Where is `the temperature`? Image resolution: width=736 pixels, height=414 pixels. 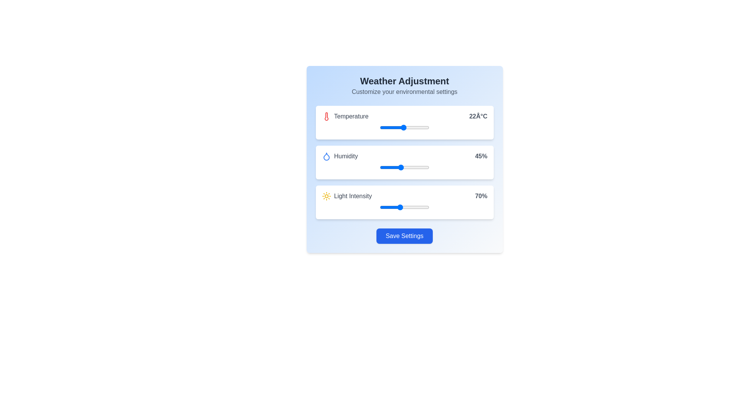 the temperature is located at coordinates (384, 127).